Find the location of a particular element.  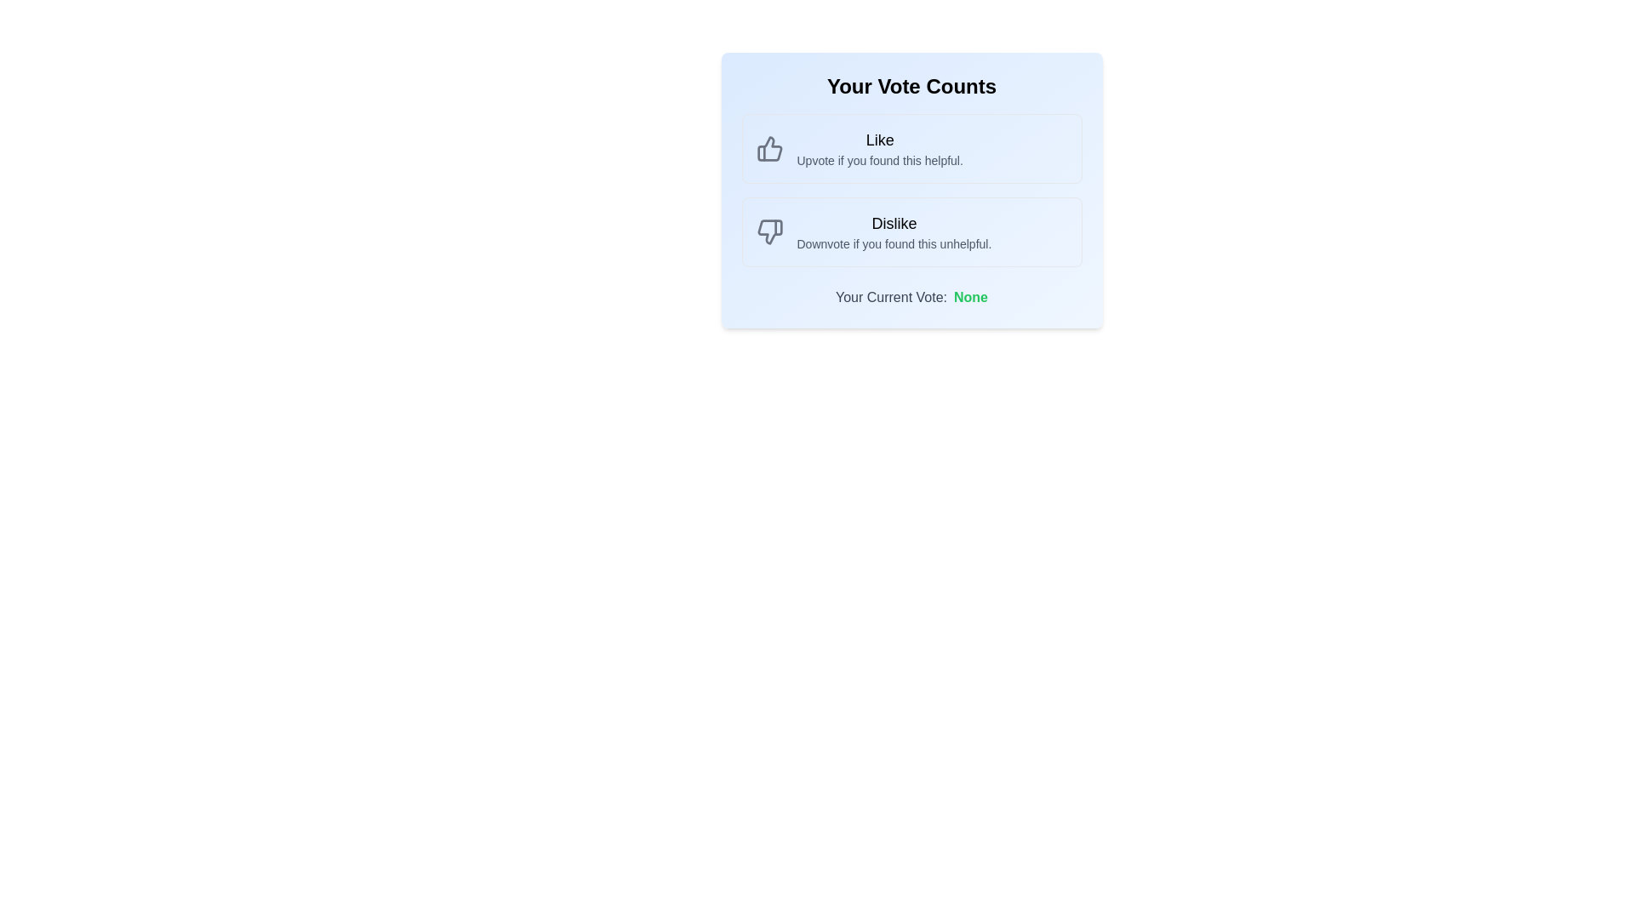

the Thumbs-Down icon that visually represents a dislike option, positioned to the left of the 'Dislike - Downvote if you found this unhelpful.' text is located at coordinates (768, 232).